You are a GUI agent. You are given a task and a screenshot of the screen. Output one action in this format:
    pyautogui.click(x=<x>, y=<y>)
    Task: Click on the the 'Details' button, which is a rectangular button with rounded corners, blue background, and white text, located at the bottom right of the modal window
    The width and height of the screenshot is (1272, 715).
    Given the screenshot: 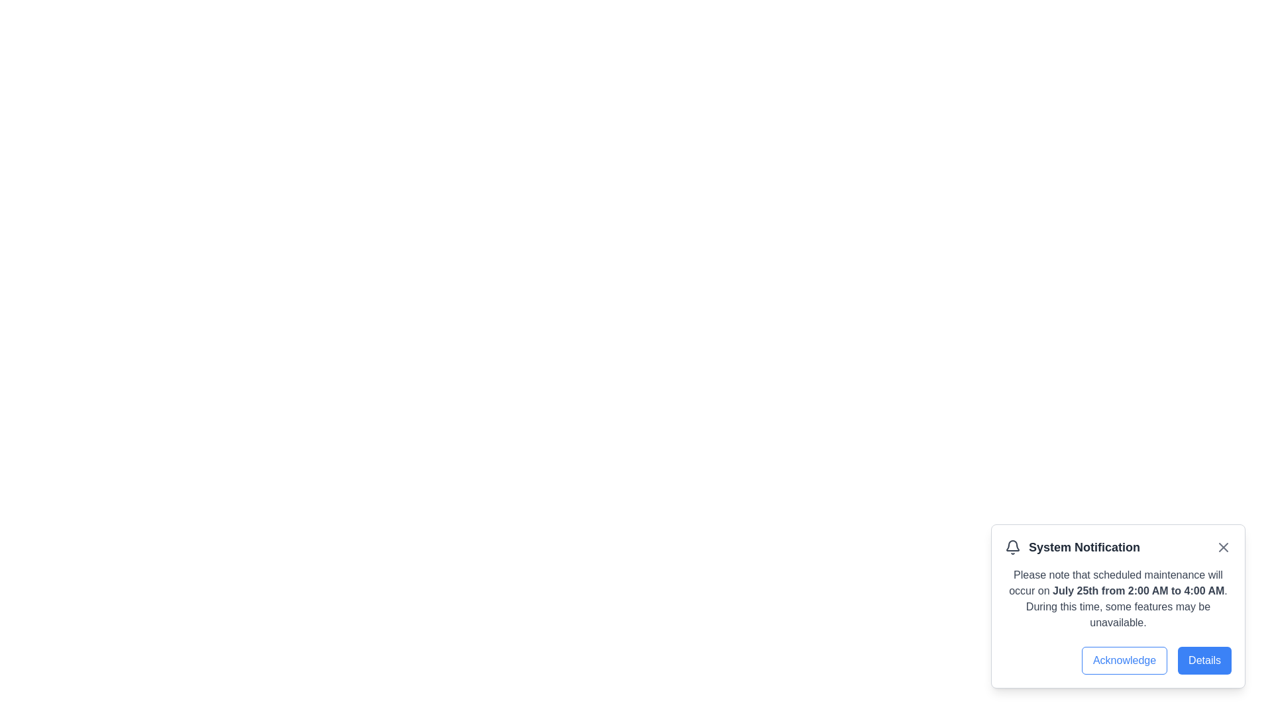 What is the action you would take?
    pyautogui.click(x=1204, y=661)
    